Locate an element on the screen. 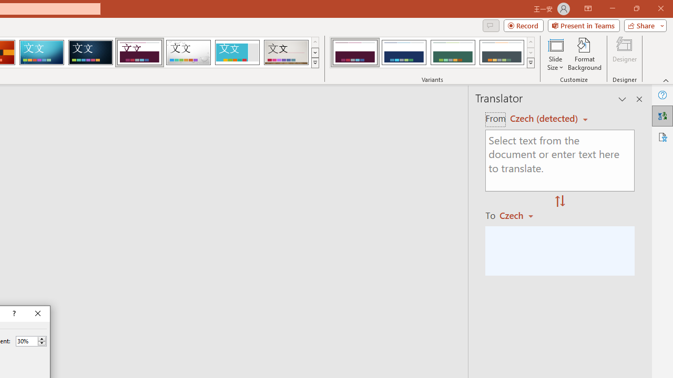  'Dividend' is located at coordinates (139, 52).